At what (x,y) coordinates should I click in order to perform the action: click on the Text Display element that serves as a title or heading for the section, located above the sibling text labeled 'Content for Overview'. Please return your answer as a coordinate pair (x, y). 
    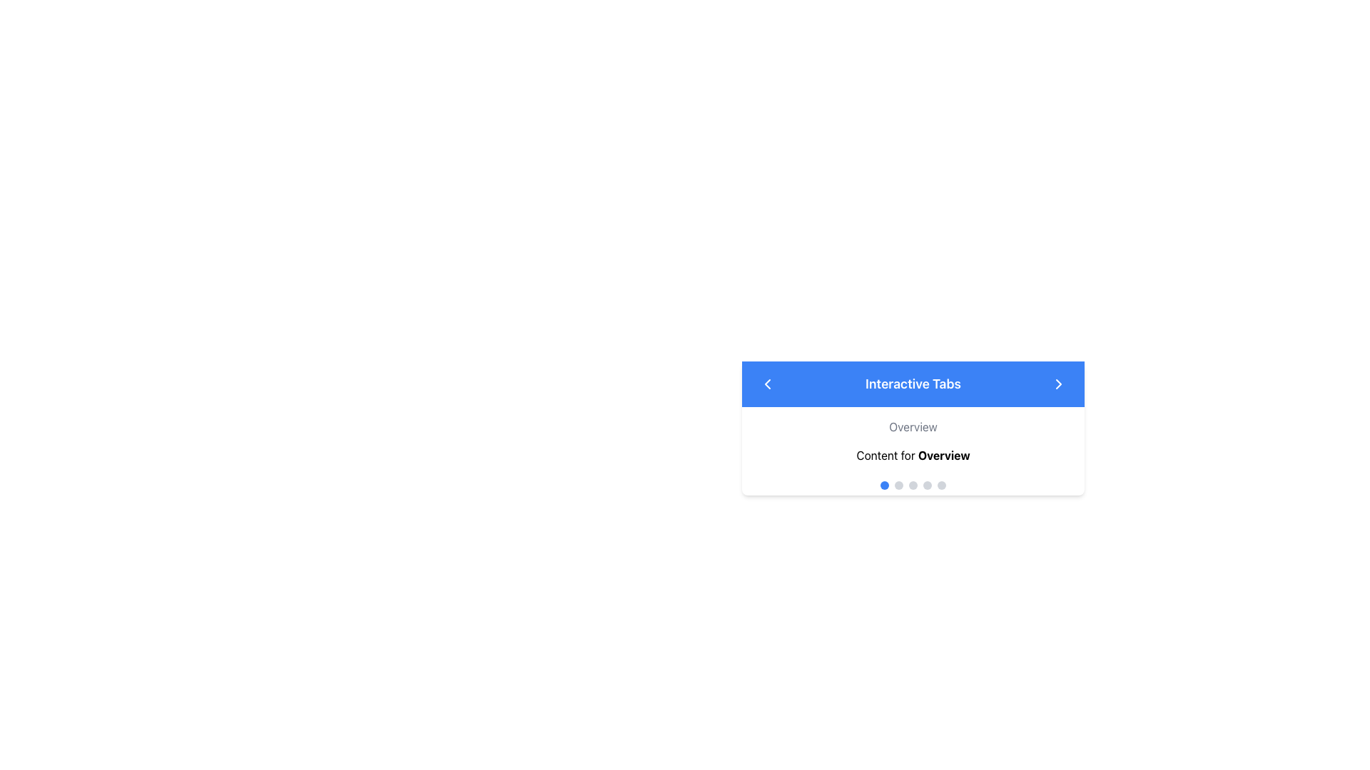
    Looking at the image, I should click on (913, 426).